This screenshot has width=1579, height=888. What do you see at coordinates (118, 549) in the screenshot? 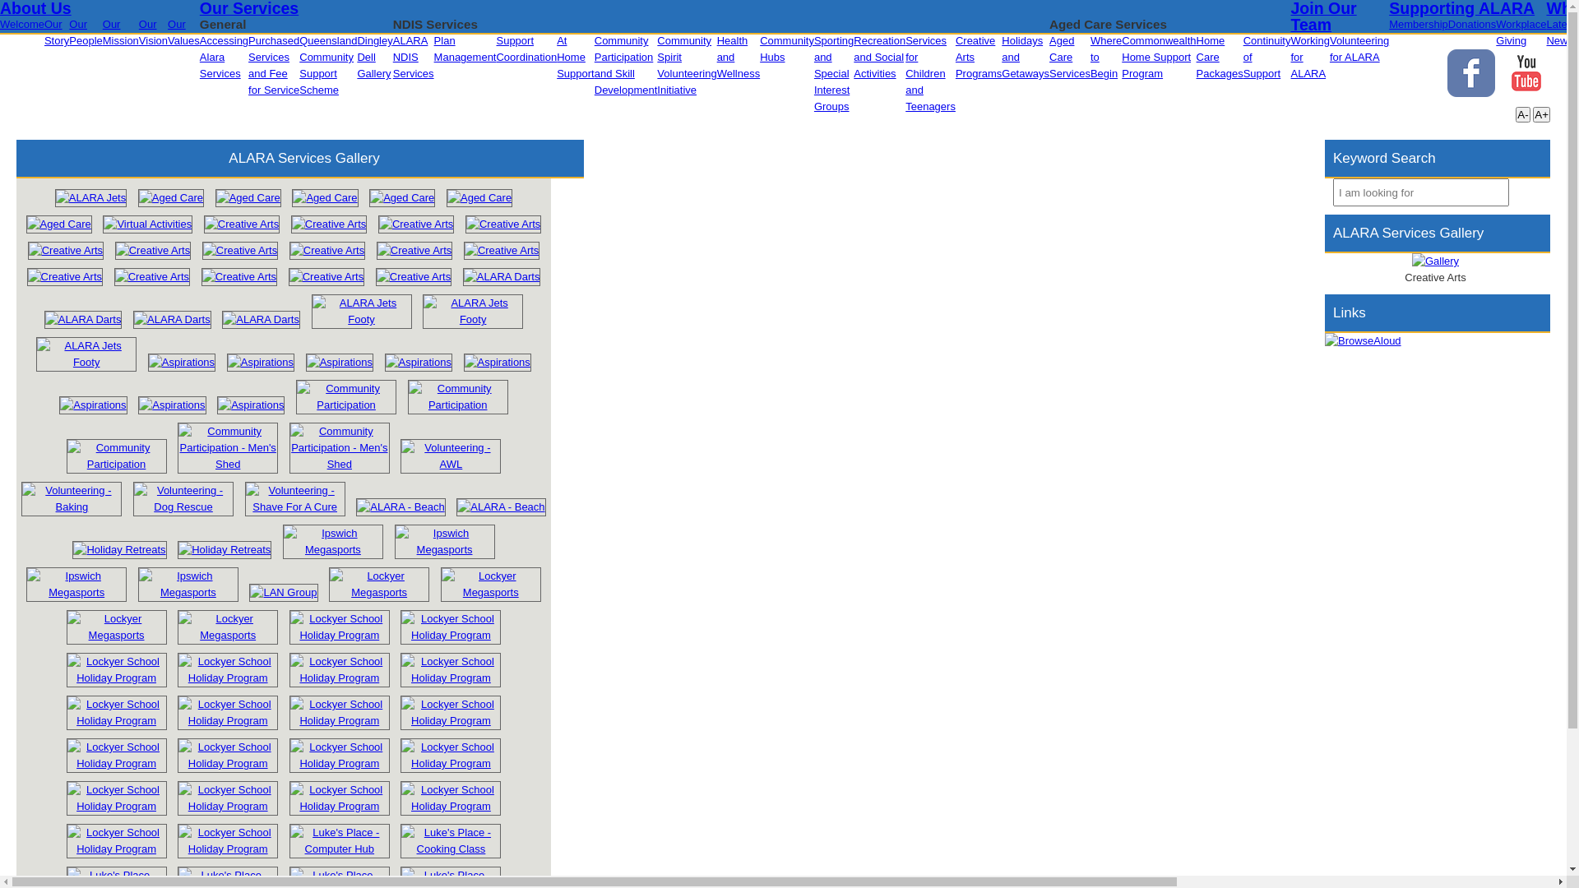
I see `'Holiday Retreats'` at bounding box center [118, 549].